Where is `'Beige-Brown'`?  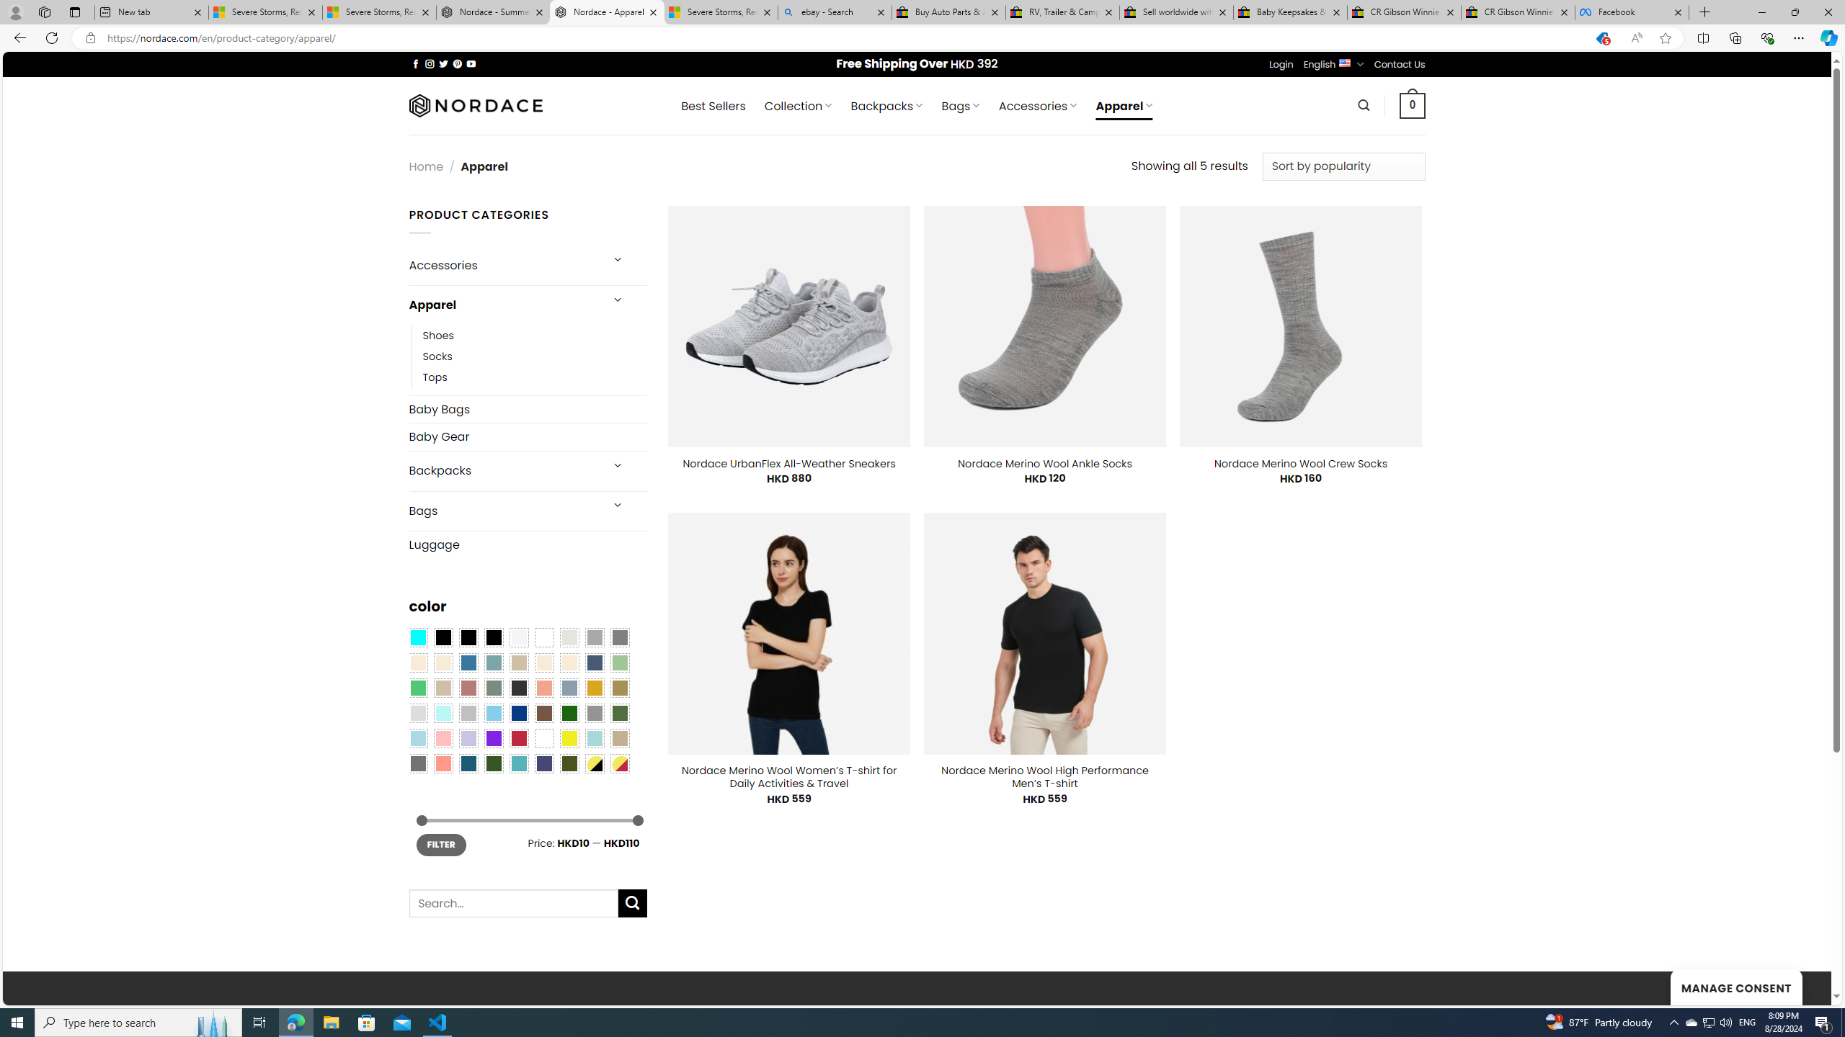 'Beige-Brown' is located at coordinates (442, 662).